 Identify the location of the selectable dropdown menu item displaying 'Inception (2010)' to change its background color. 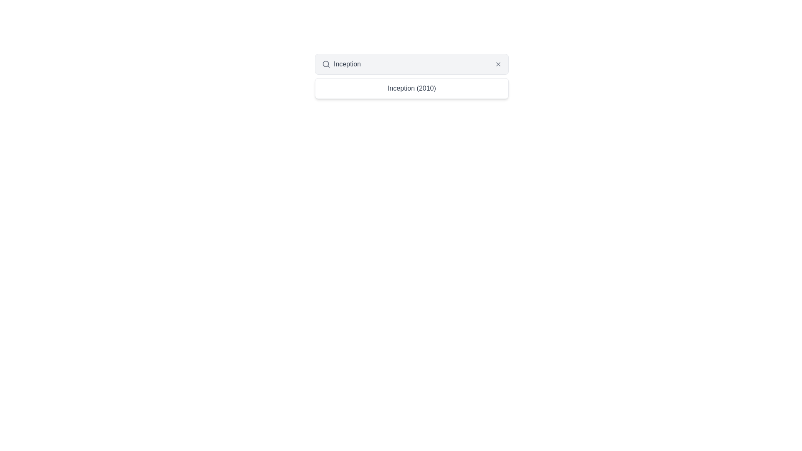
(411, 89).